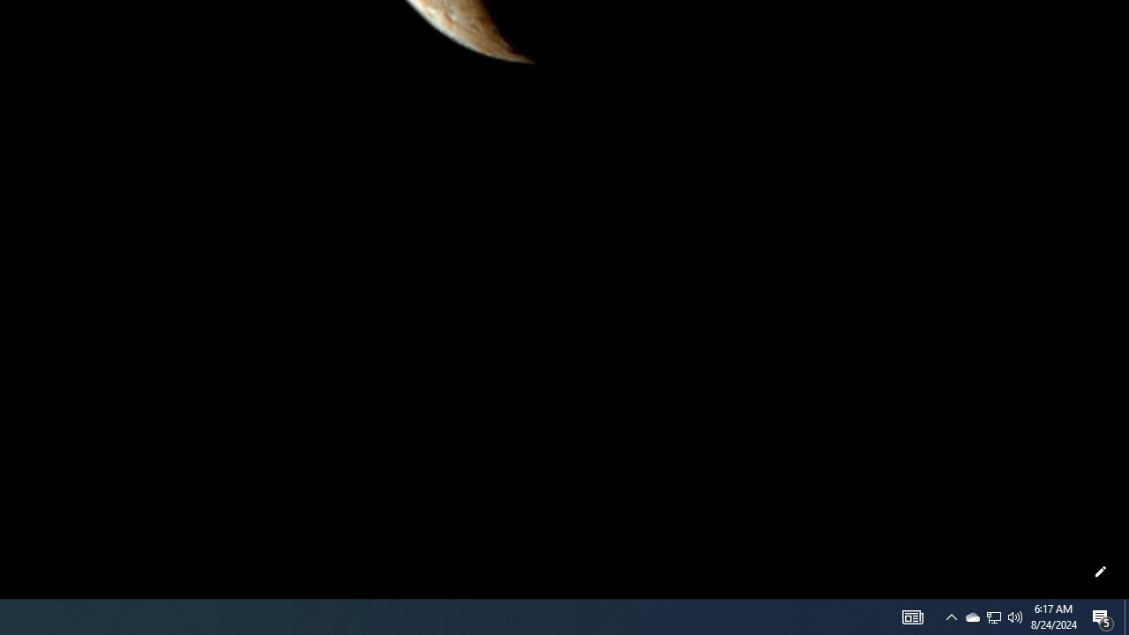 Image resolution: width=1129 pixels, height=635 pixels. Describe the element at coordinates (1100, 571) in the screenshot. I see `'Customize this page'` at that location.